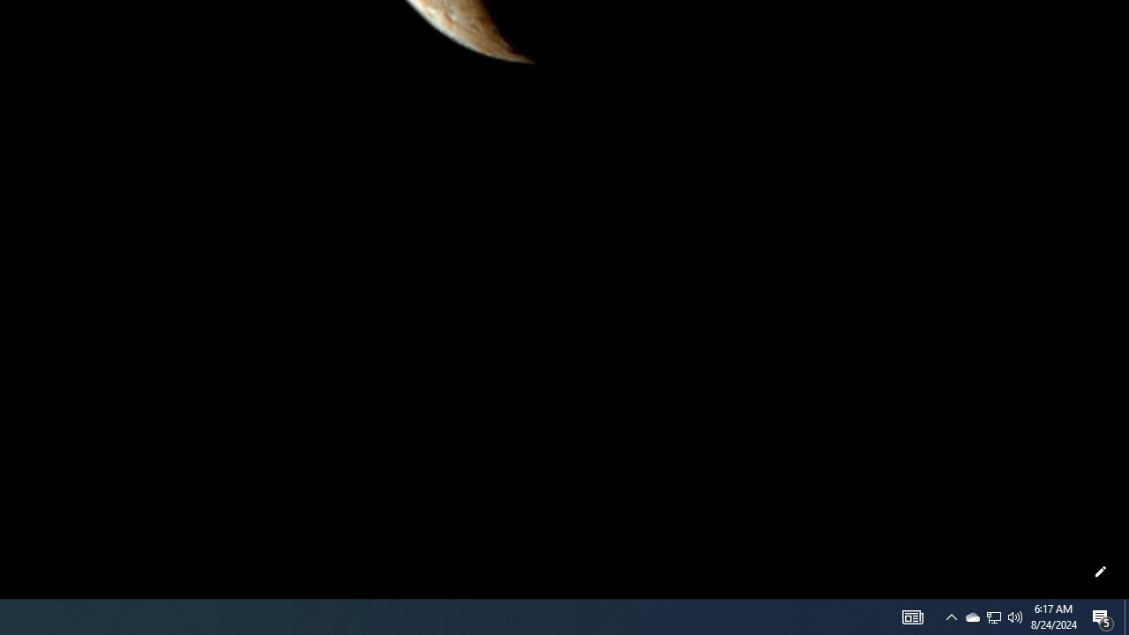 Image resolution: width=1129 pixels, height=635 pixels. Describe the element at coordinates (1100, 571) in the screenshot. I see `'Customize this page'` at that location.